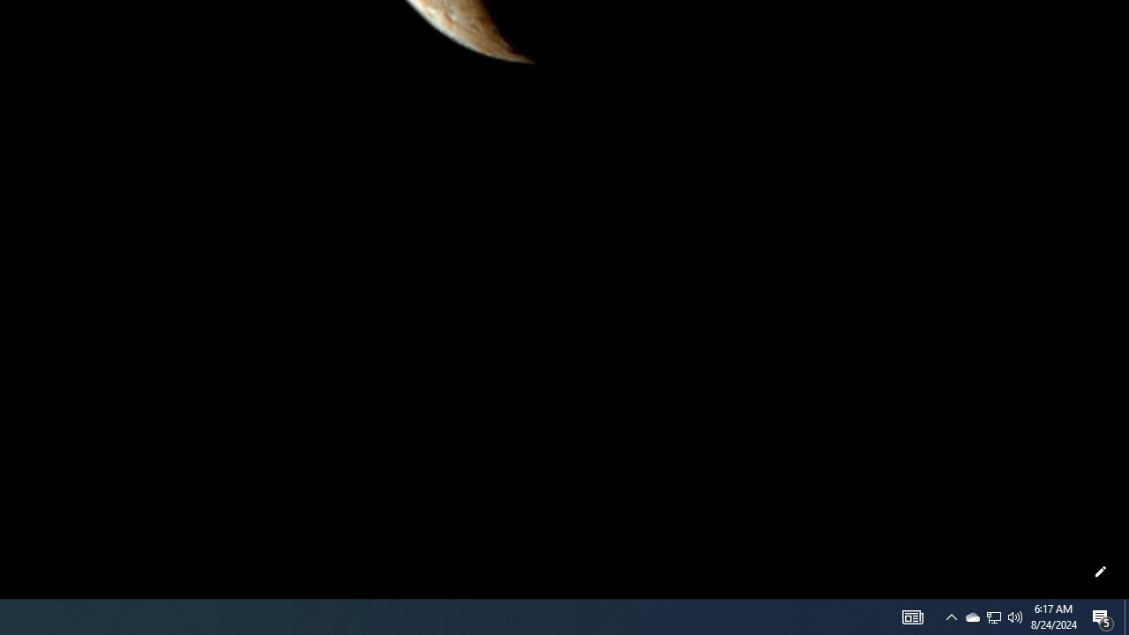 Image resolution: width=1129 pixels, height=635 pixels. Describe the element at coordinates (1100, 571) in the screenshot. I see `'Customize this page'` at that location.